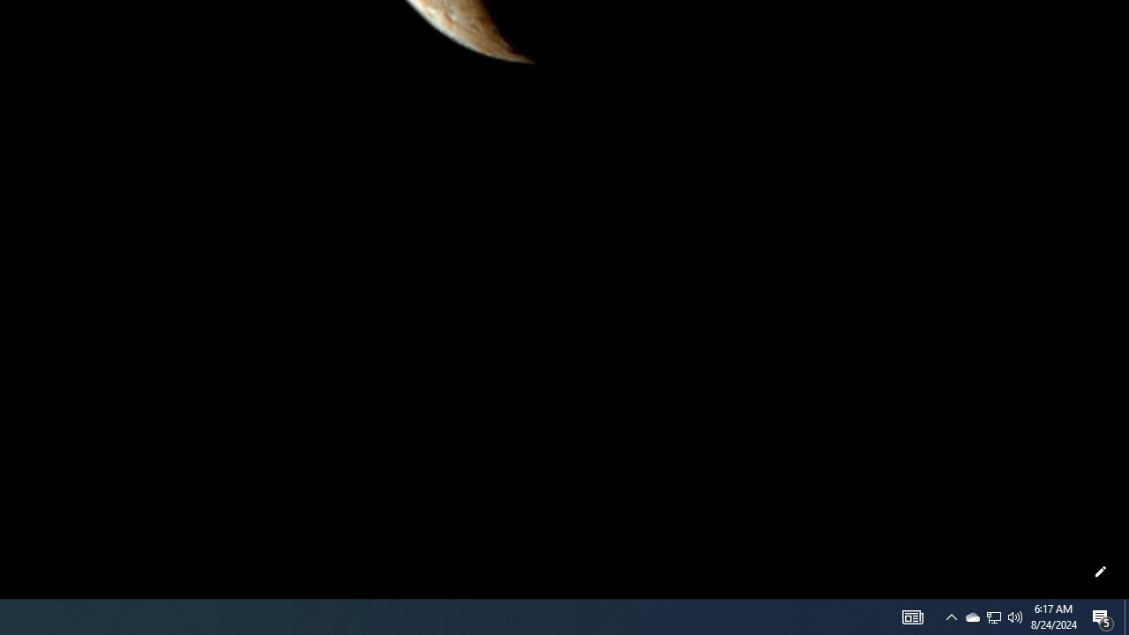 Image resolution: width=1129 pixels, height=635 pixels. Describe the element at coordinates (1100, 571) in the screenshot. I see `'Customize this page'` at that location.